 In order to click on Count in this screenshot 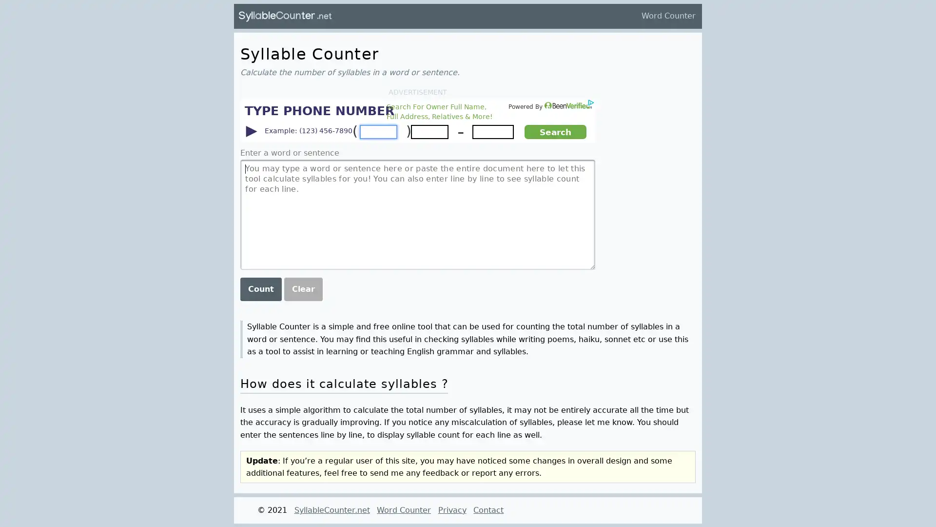, I will do `click(260, 288)`.